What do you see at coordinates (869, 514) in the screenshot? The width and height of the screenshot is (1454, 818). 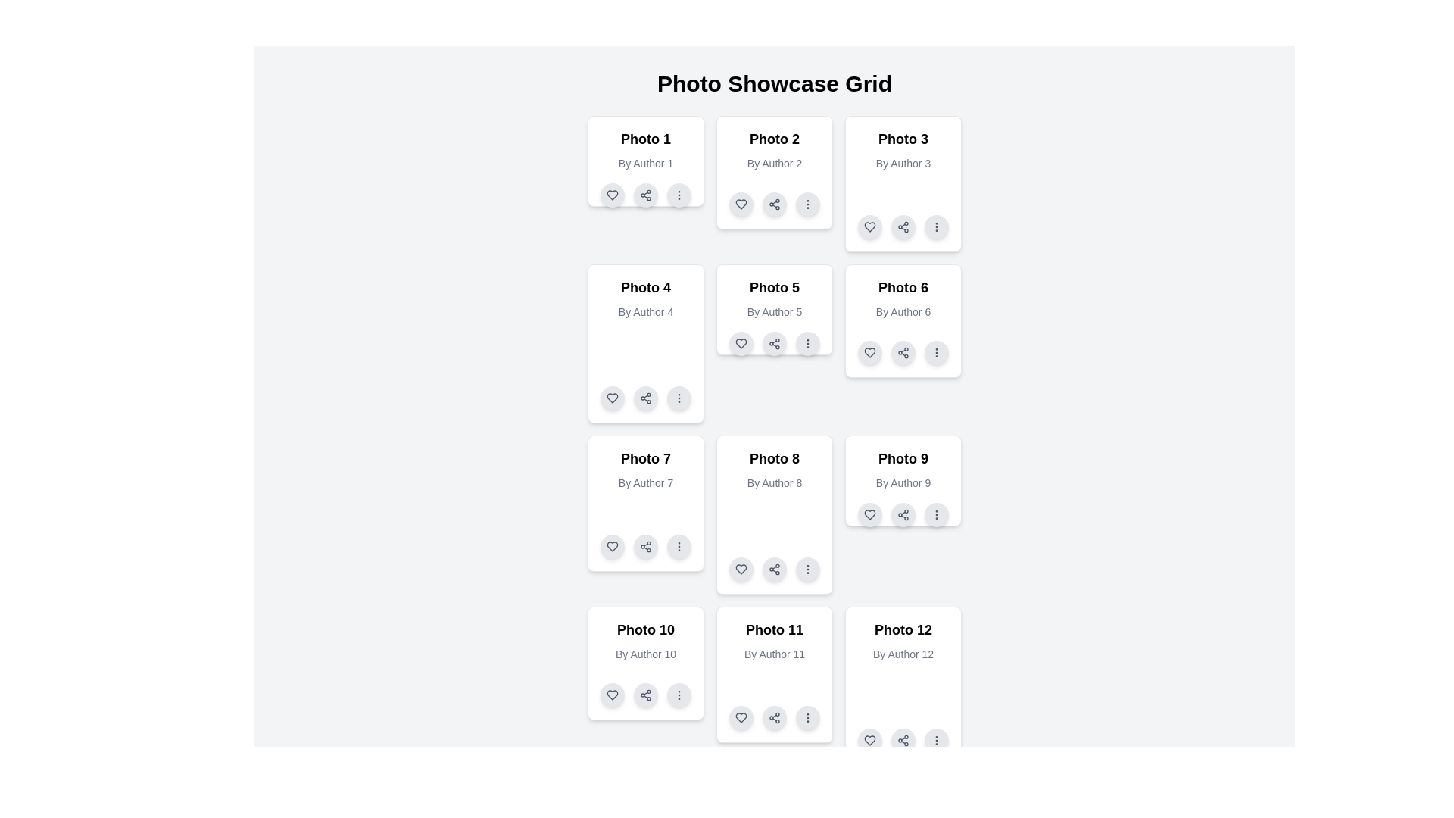 I see `the first button in the bottom row of action icons associated with the card labeled 'Photo 9 By Author 9'` at bounding box center [869, 514].